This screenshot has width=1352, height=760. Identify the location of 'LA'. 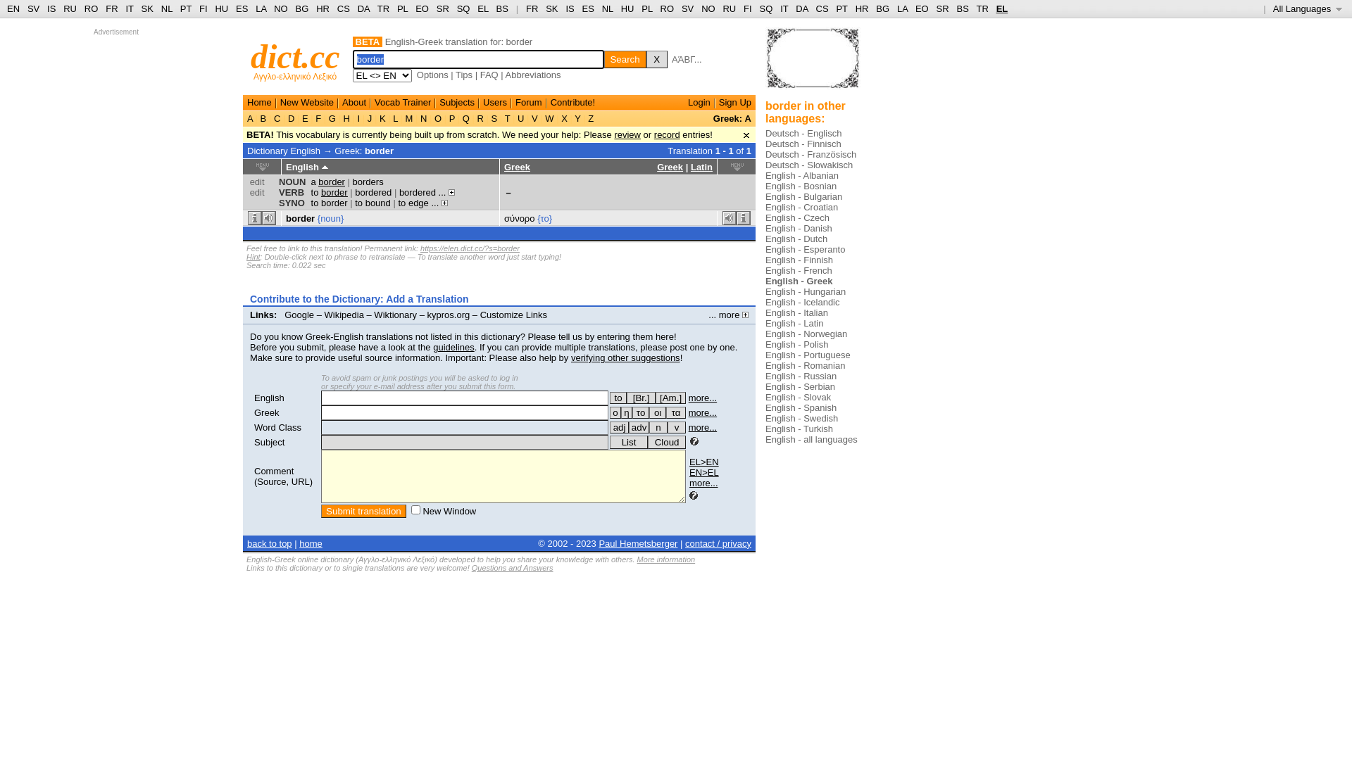
(902, 8).